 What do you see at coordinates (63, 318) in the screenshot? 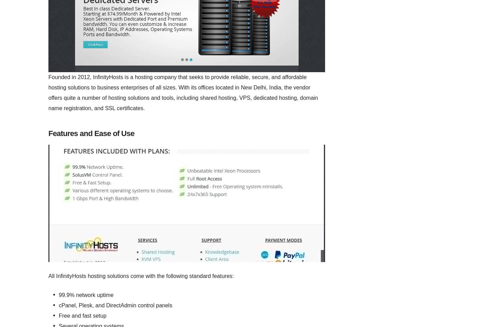
I see `'Website Builders'` at bounding box center [63, 318].